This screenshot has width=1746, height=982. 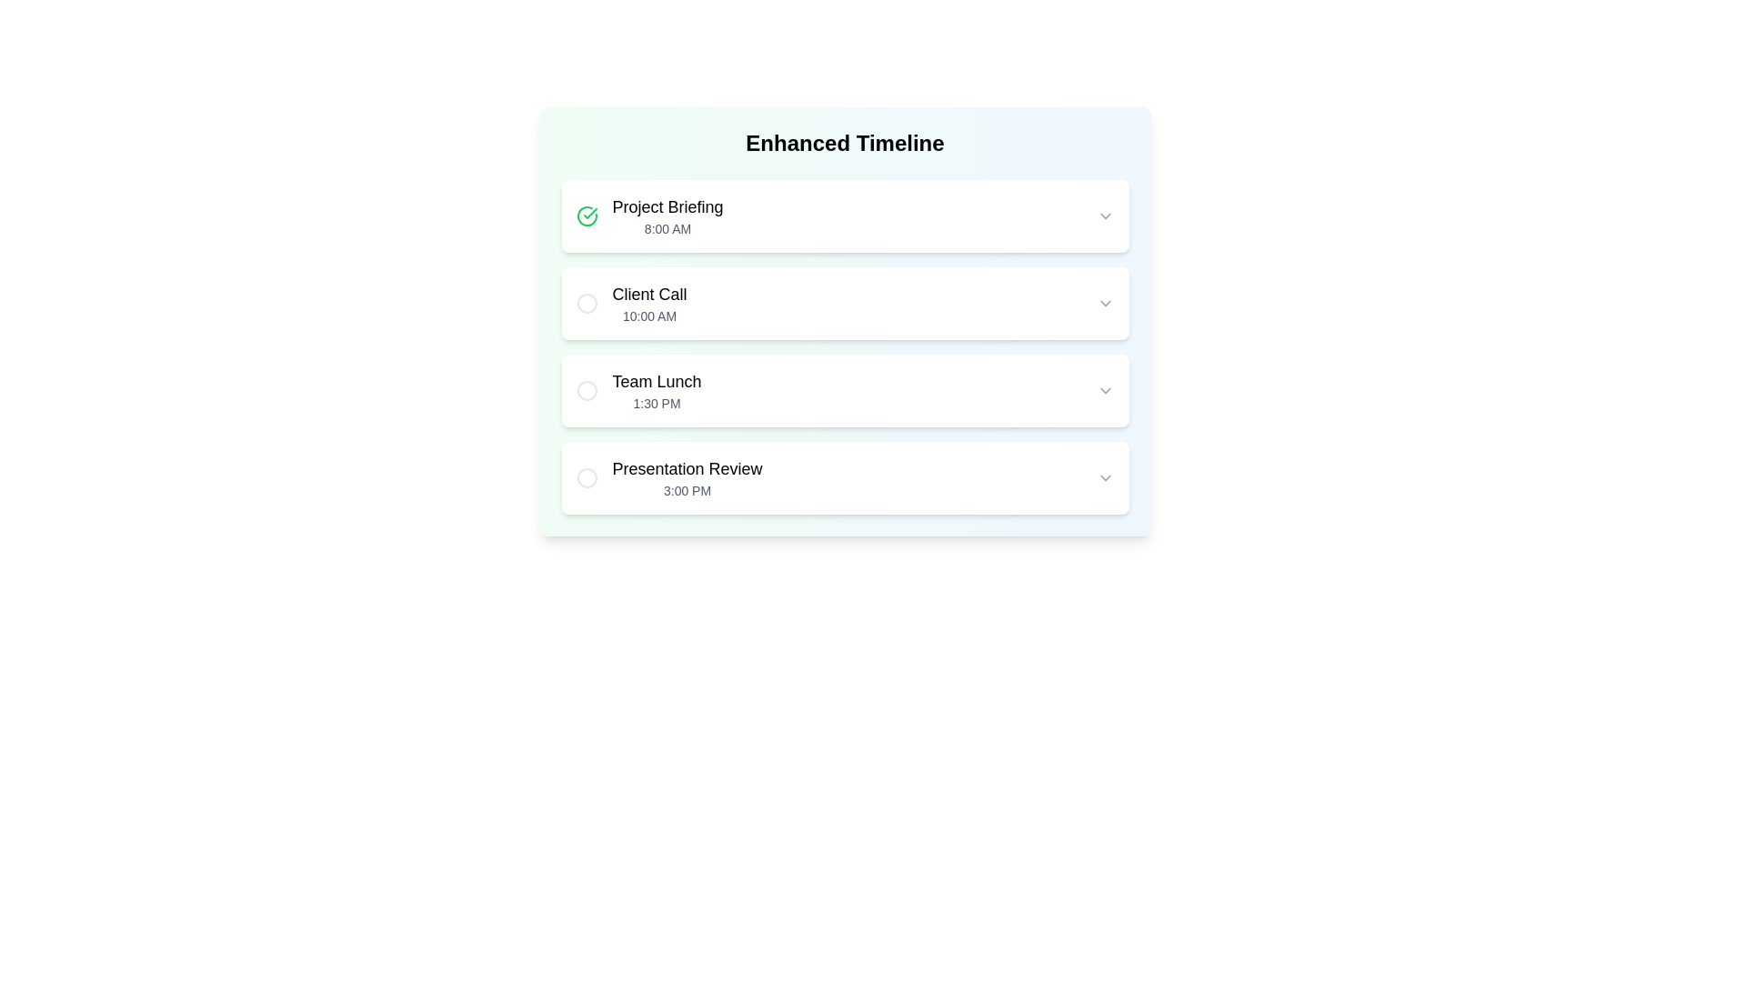 What do you see at coordinates (655, 389) in the screenshot?
I see `the 'Team Lunch' text display block, which includes the title and scheduled time, to possibly view more details about the event` at bounding box center [655, 389].